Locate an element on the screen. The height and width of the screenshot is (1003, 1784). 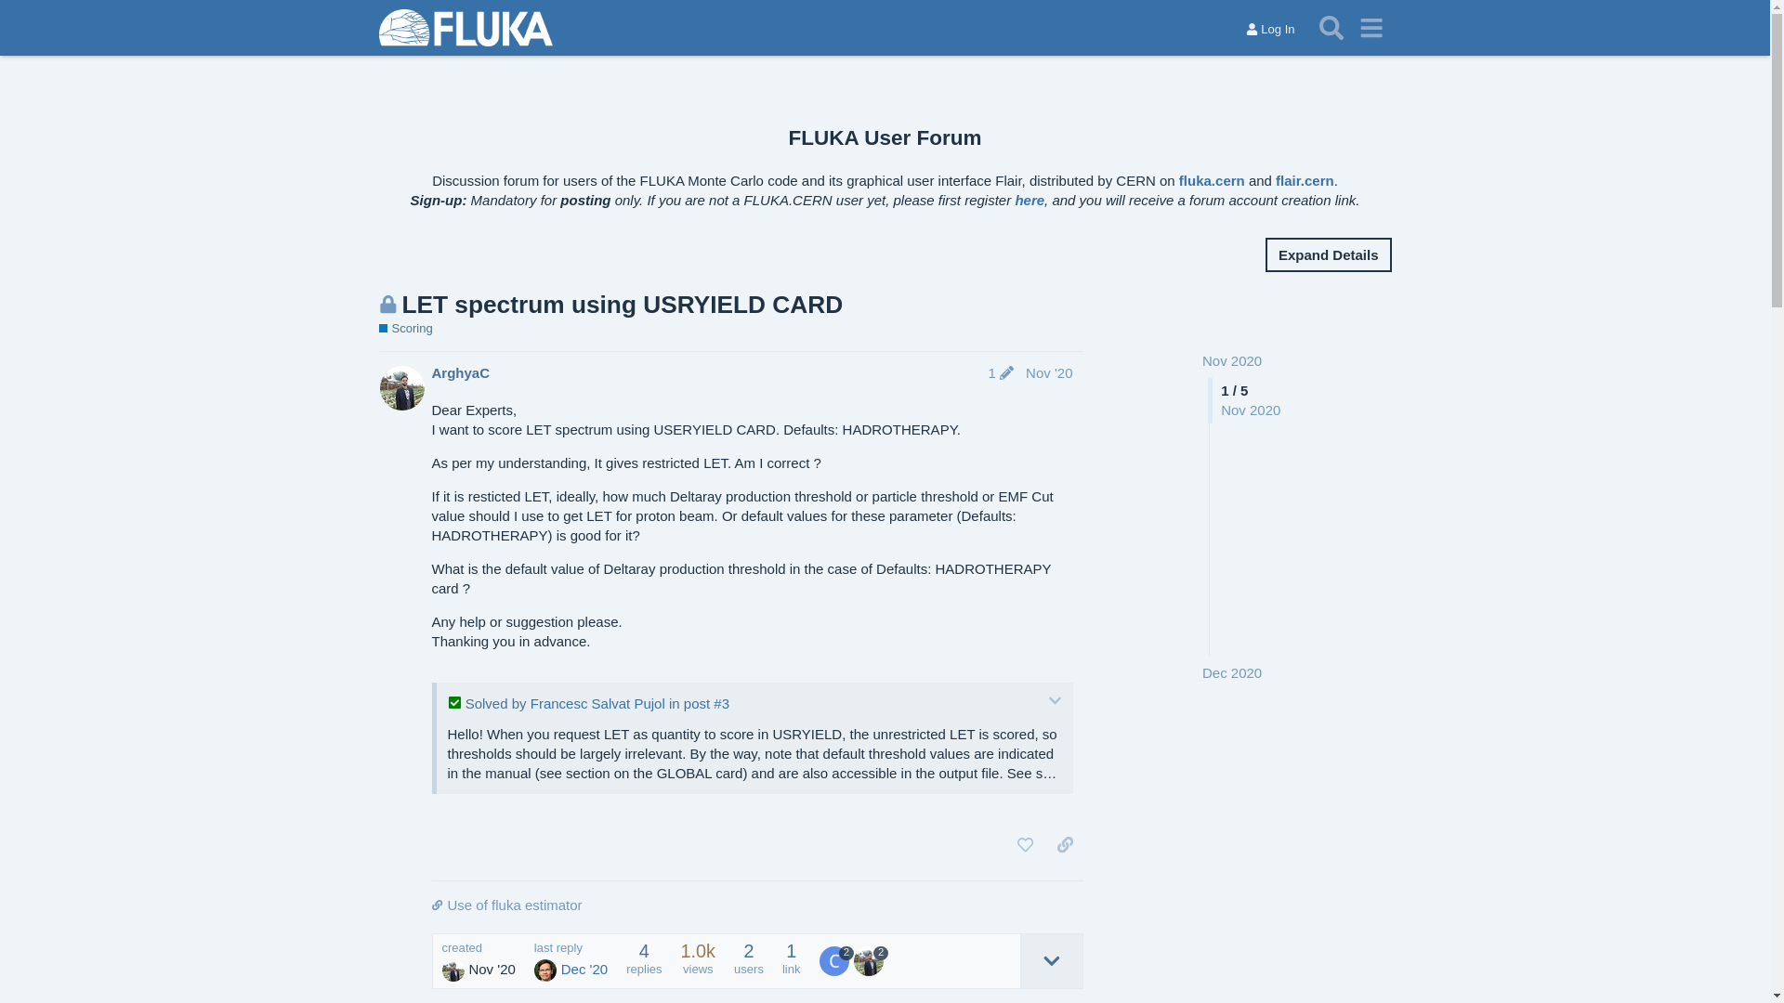
'2' is located at coordinates (852, 960).